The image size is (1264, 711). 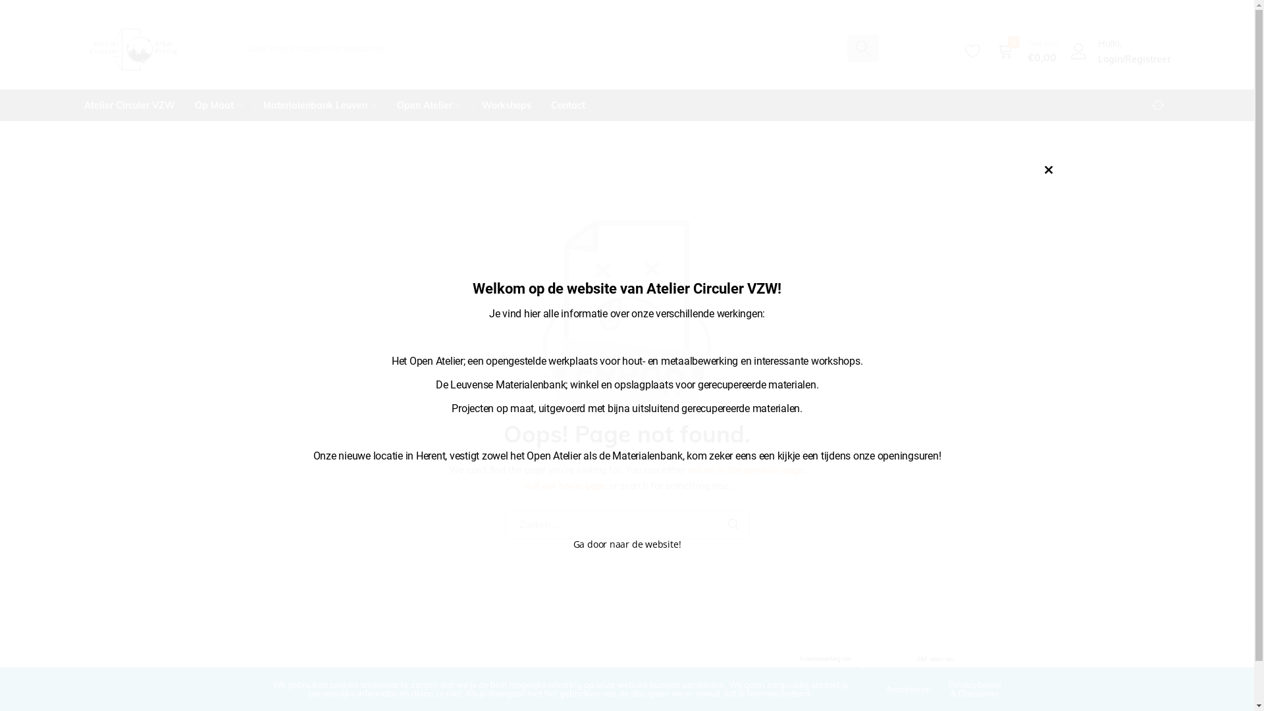 What do you see at coordinates (1068, 50) in the screenshot?
I see `'Hallo,` at bounding box center [1068, 50].